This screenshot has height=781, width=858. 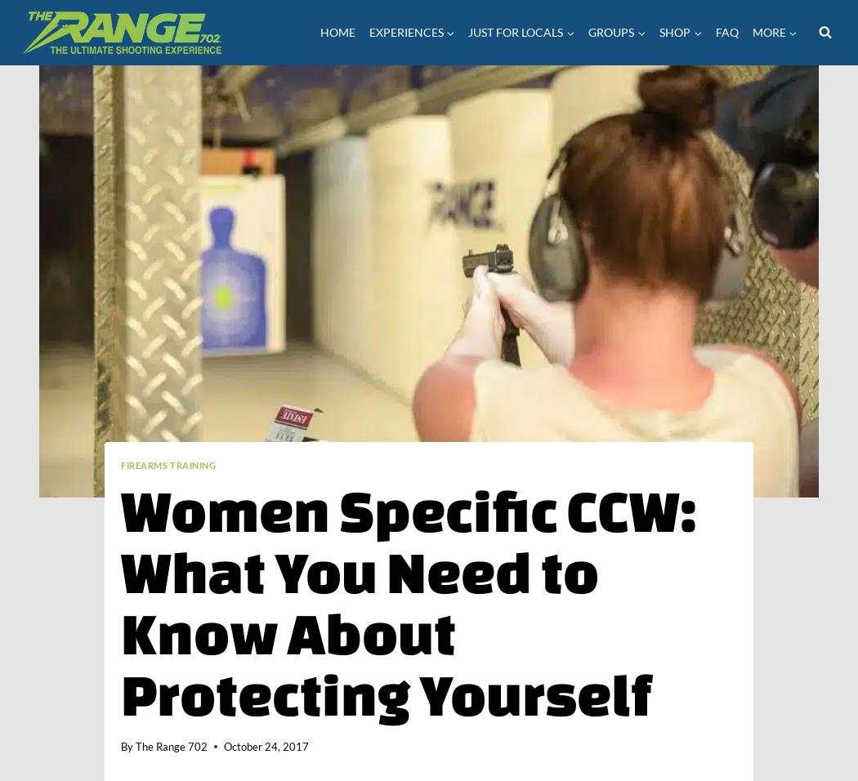 I want to click on 'Home', so click(x=337, y=30).